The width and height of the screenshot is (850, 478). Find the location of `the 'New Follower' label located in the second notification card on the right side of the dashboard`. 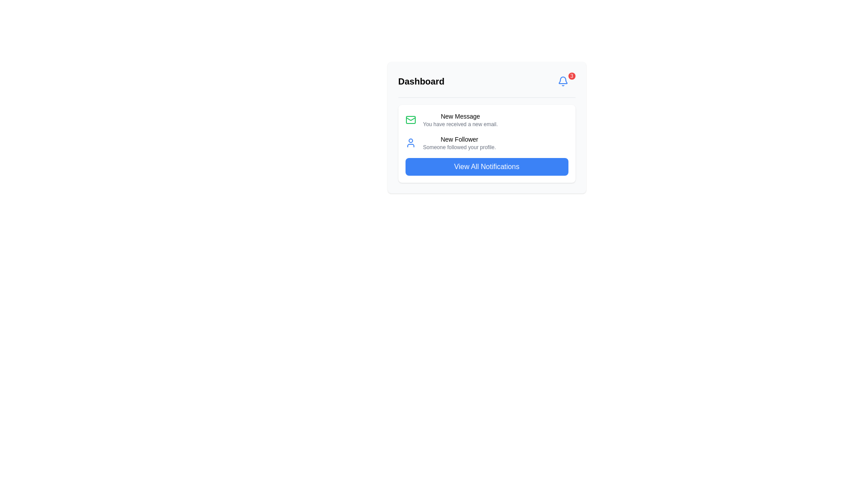

the 'New Follower' label located in the second notification card on the right side of the dashboard is located at coordinates (459, 139).